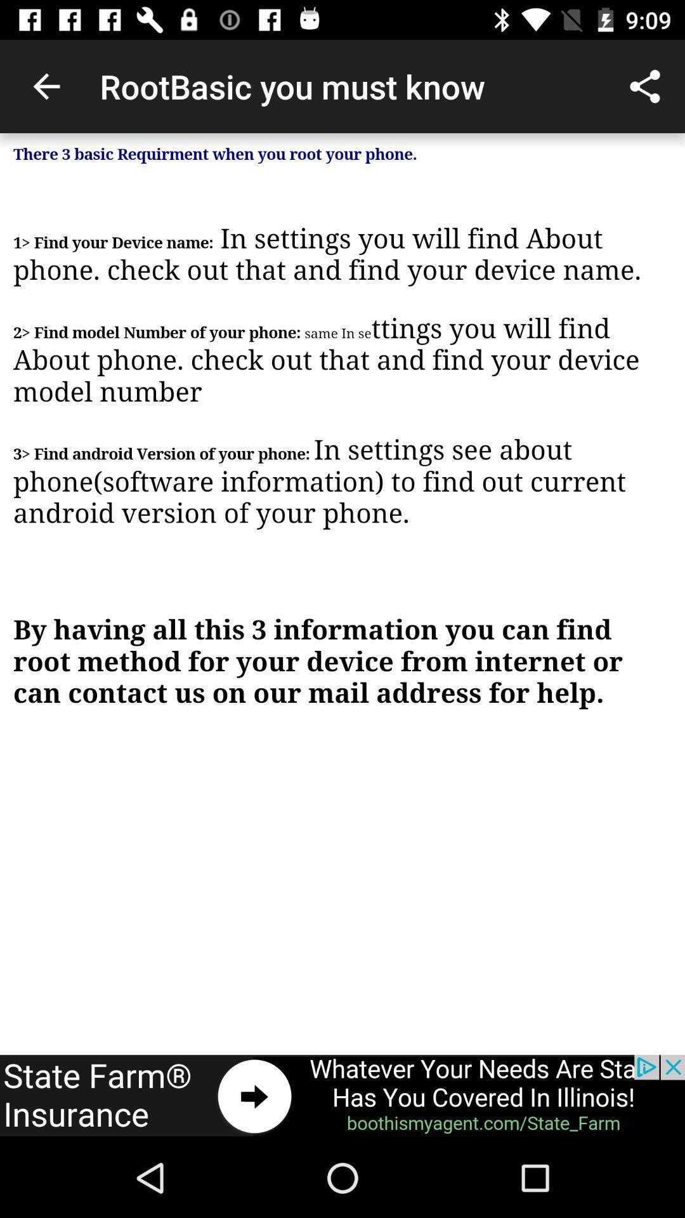 The height and width of the screenshot is (1218, 685). Describe the element at coordinates (342, 1096) in the screenshot. I see `advertisement` at that location.